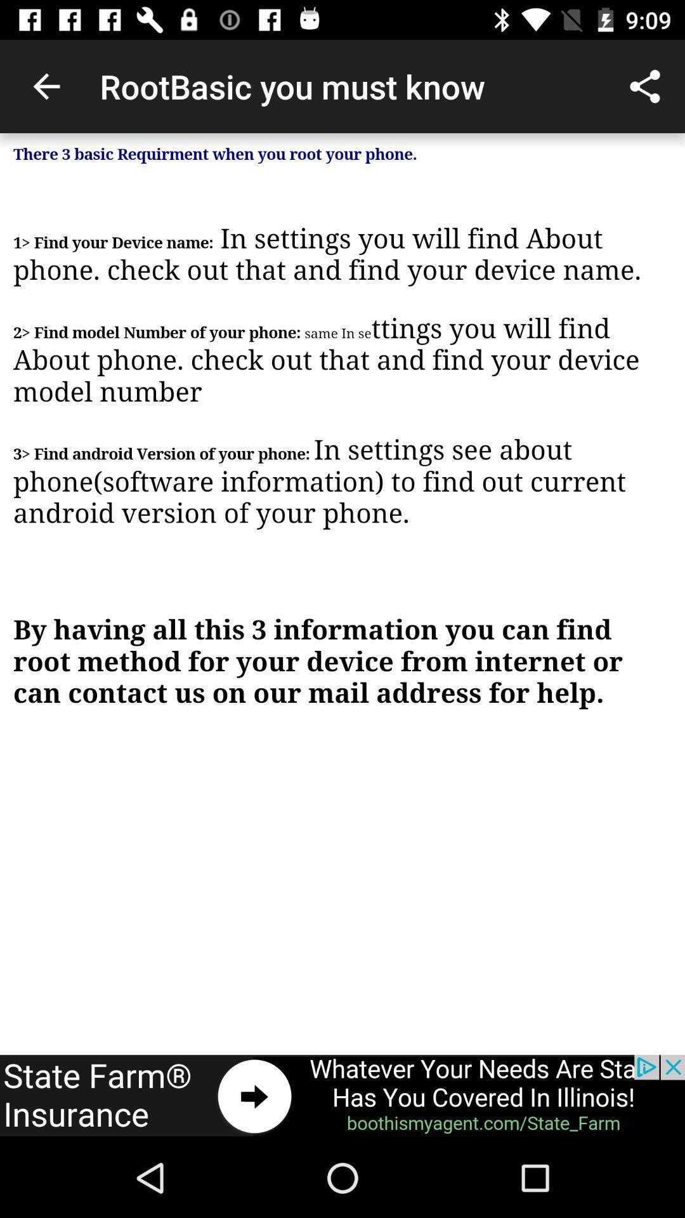 The height and width of the screenshot is (1218, 685). Describe the element at coordinates (342, 1096) in the screenshot. I see `advertisement` at that location.